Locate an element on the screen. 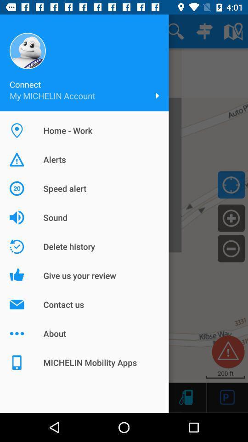  the minus icon is located at coordinates (231, 248).